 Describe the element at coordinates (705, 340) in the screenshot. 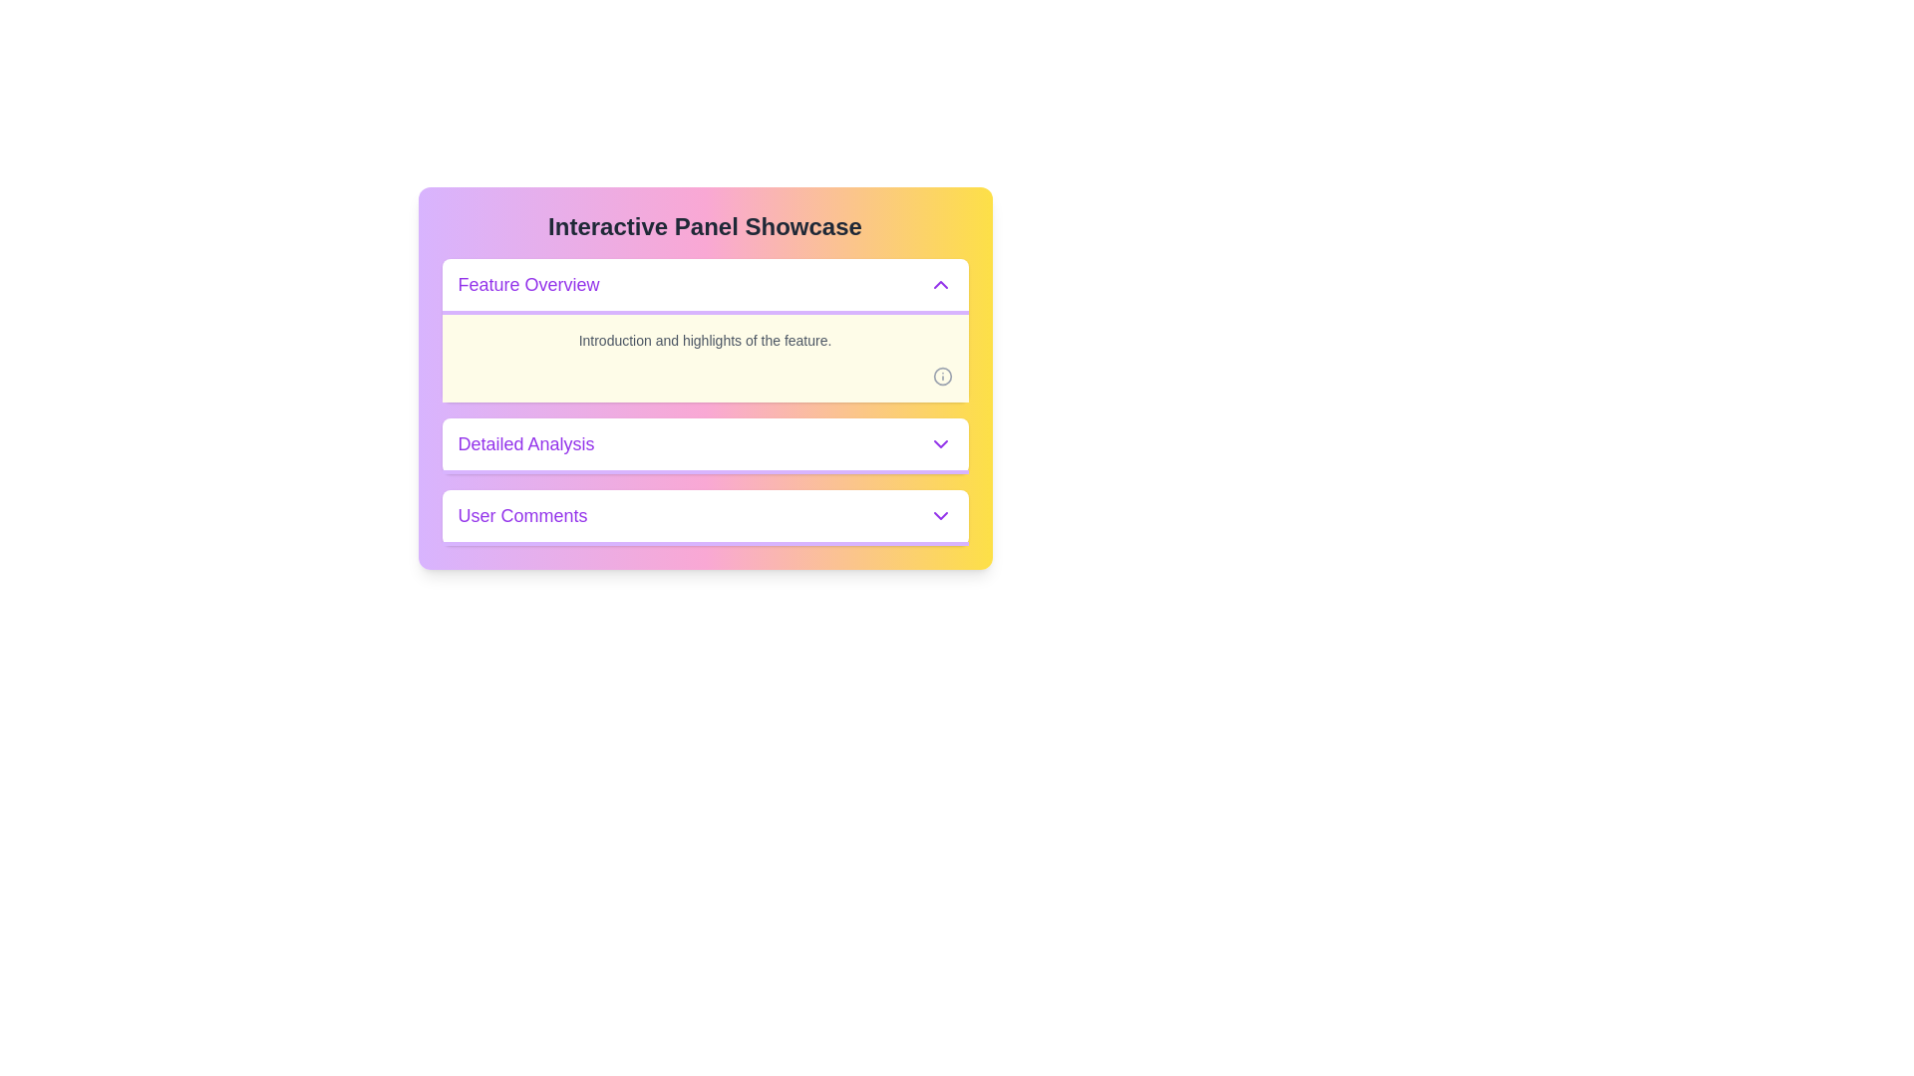

I see `the descriptive text block located just below the 'Feature Overview' header in a pale yellow box` at that location.